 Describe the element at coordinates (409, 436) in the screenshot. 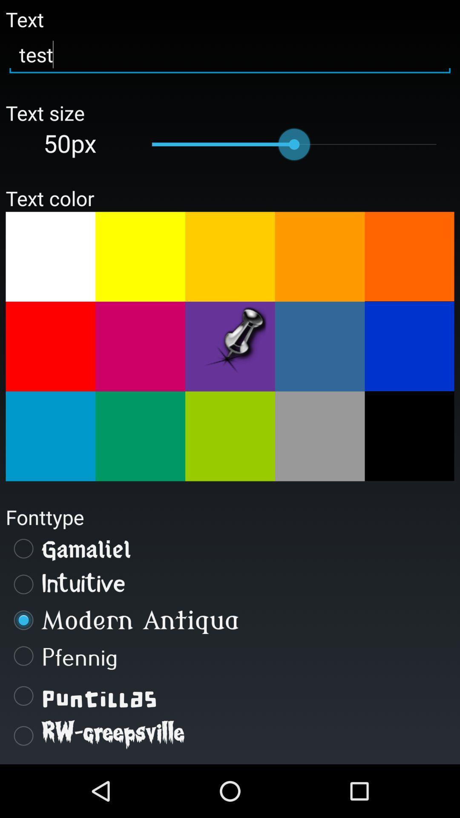

I see `the colour black` at that location.